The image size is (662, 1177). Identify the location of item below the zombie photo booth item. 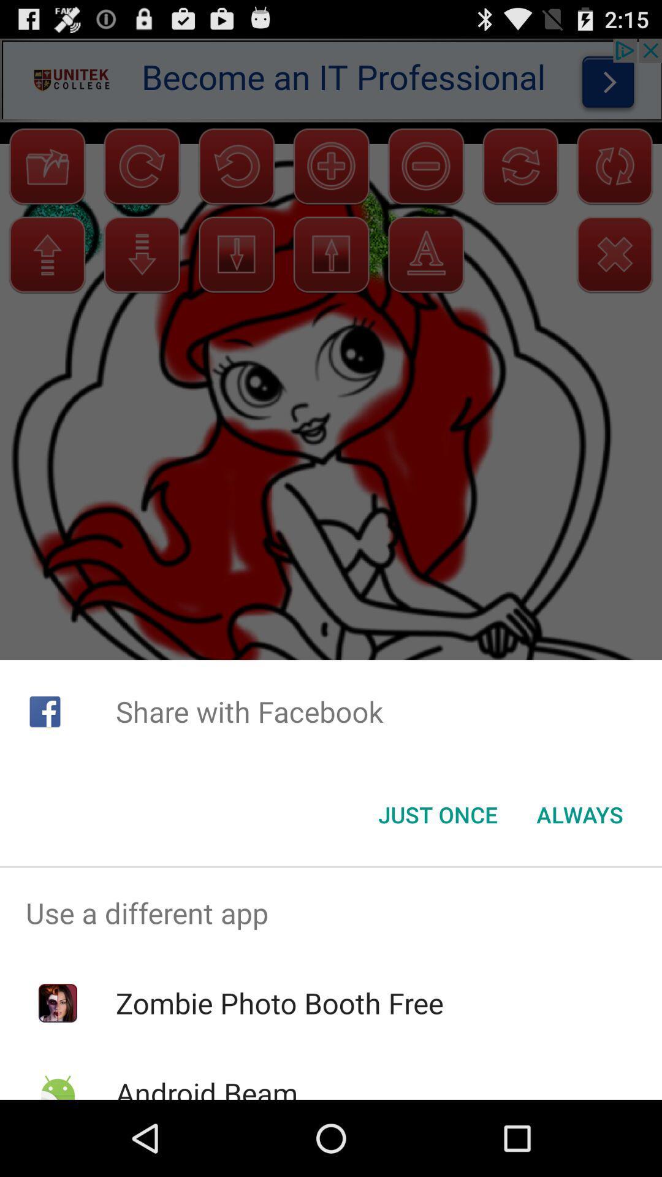
(206, 1086).